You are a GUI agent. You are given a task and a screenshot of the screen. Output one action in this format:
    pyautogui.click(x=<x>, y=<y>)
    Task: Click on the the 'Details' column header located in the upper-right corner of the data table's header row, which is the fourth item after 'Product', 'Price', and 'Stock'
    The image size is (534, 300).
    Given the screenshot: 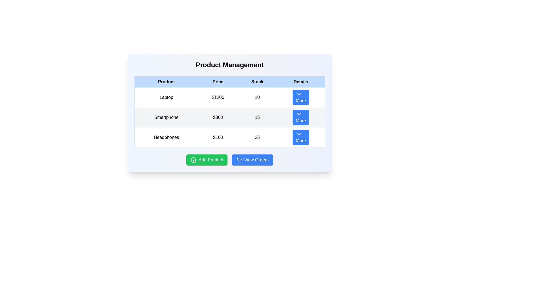 What is the action you would take?
    pyautogui.click(x=301, y=82)
    